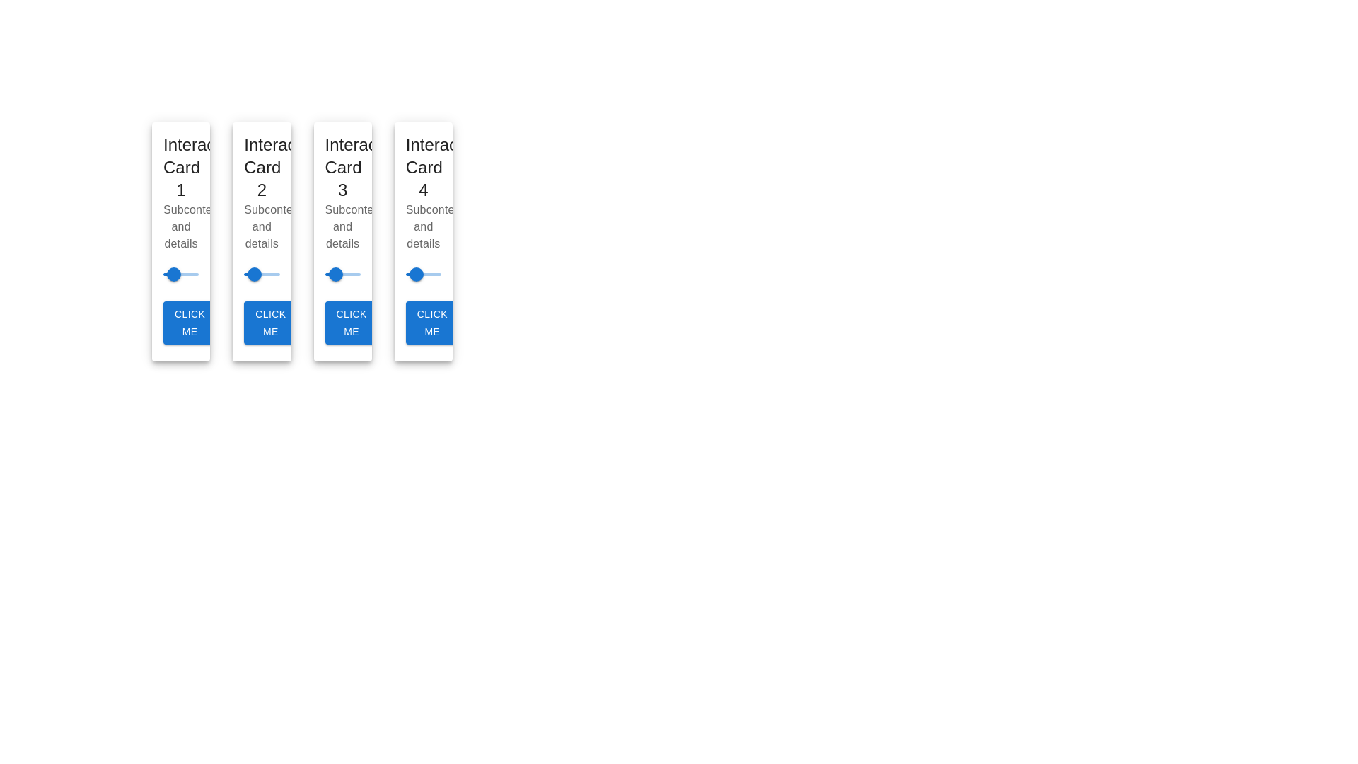 This screenshot has width=1358, height=764. What do you see at coordinates (342, 274) in the screenshot?
I see `the slider's value` at bounding box center [342, 274].